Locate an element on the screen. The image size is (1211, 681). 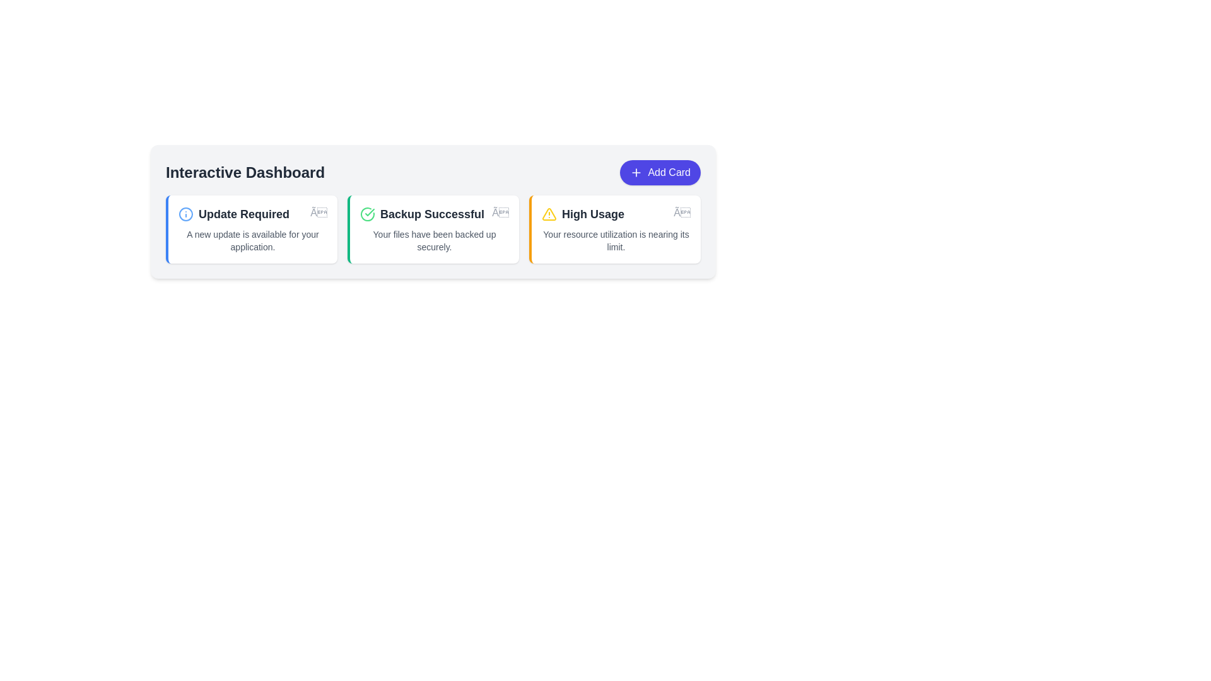
the Notification card with the text 'Backup Successful' is located at coordinates (433, 229).